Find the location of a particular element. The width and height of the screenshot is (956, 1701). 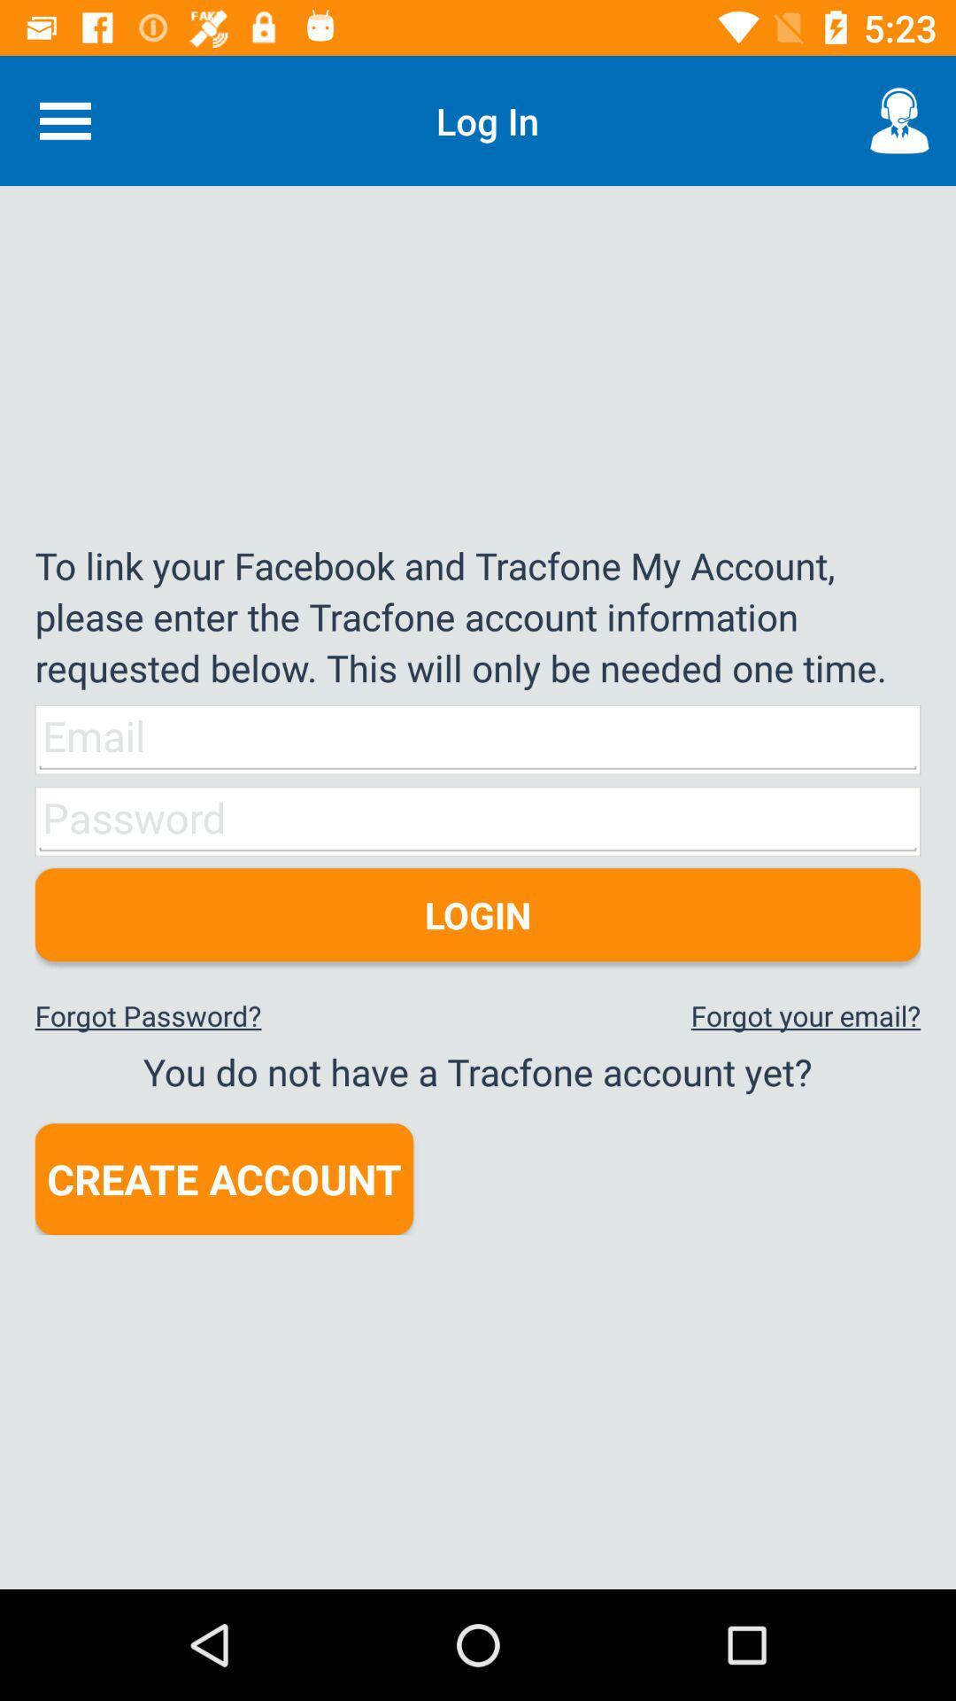

the item next to the log in is located at coordinates (900, 120).